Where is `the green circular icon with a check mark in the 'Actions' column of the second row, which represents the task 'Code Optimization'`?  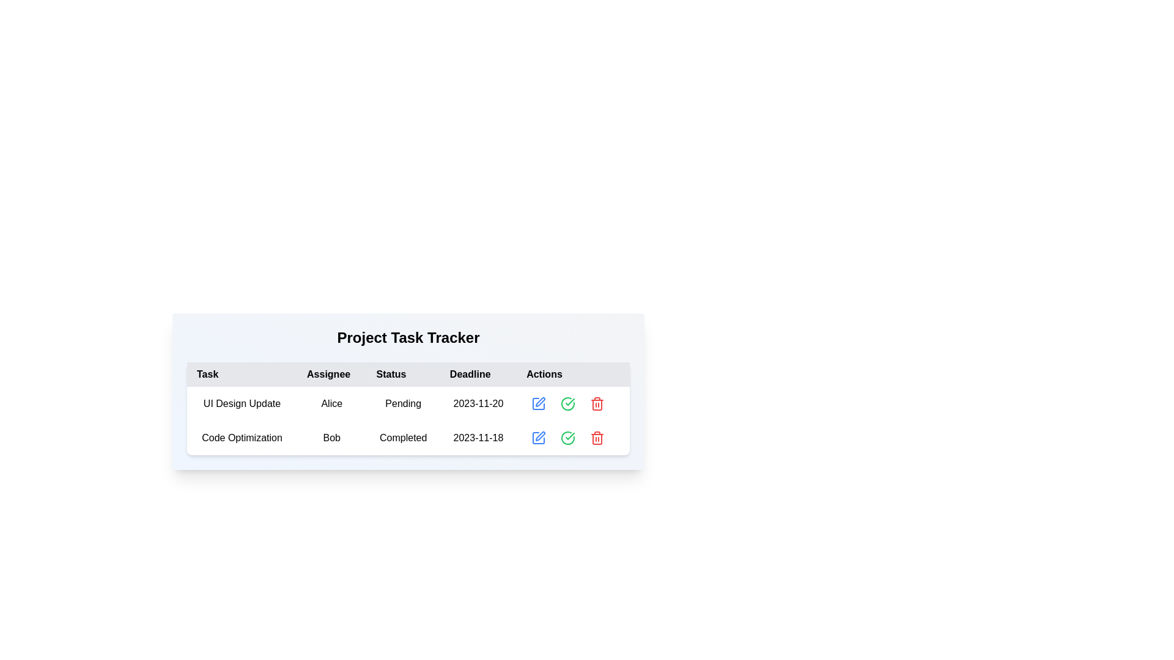
the green circular icon with a check mark in the 'Actions' column of the second row, which represents the task 'Code Optimization' is located at coordinates (567, 403).